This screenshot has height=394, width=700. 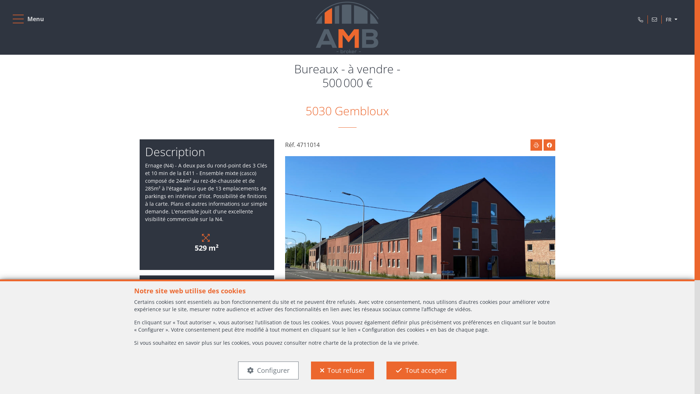 I want to click on 'Tout accepter', so click(x=421, y=370).